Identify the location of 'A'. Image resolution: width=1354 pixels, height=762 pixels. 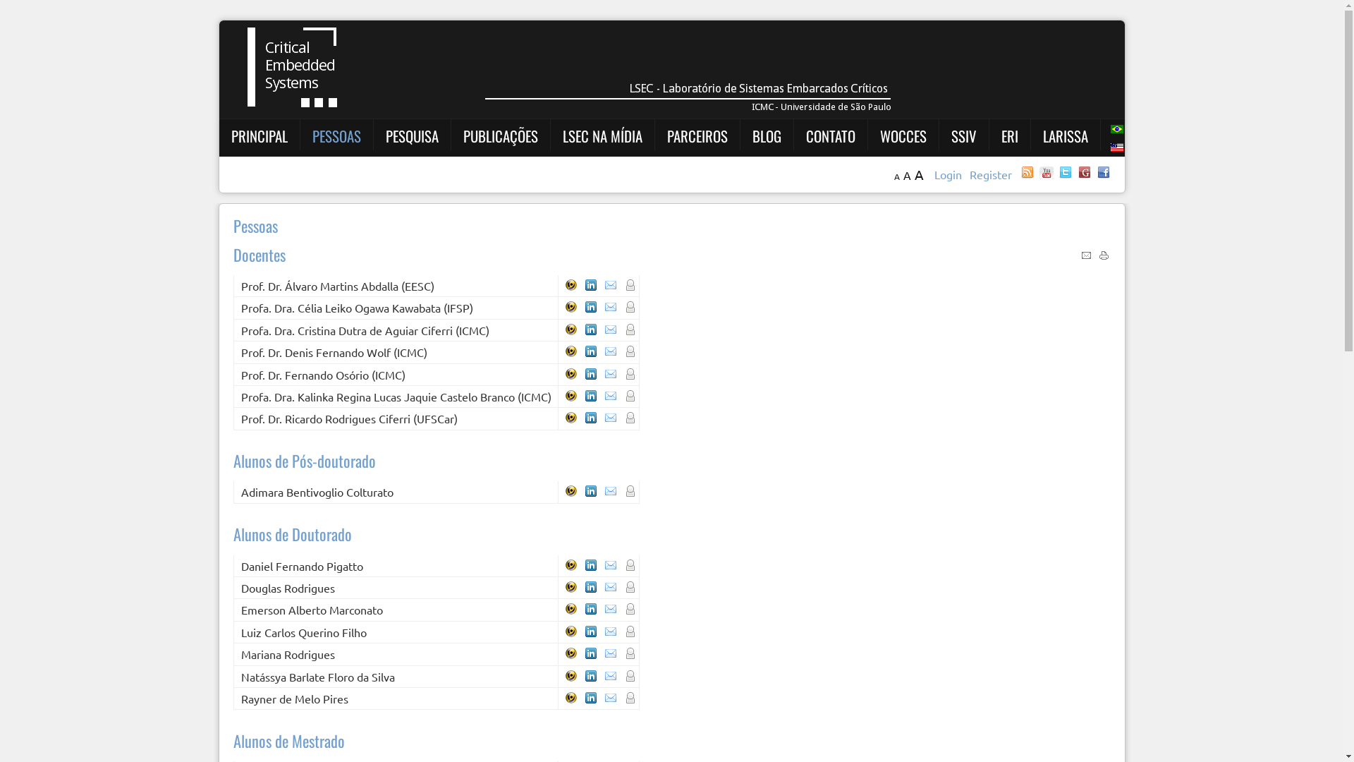
(896, 176).